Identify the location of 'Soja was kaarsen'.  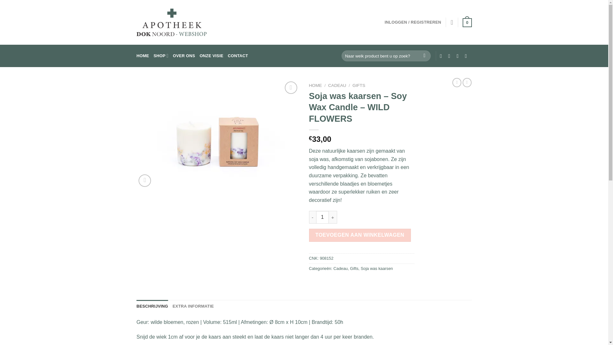
(377, 268).